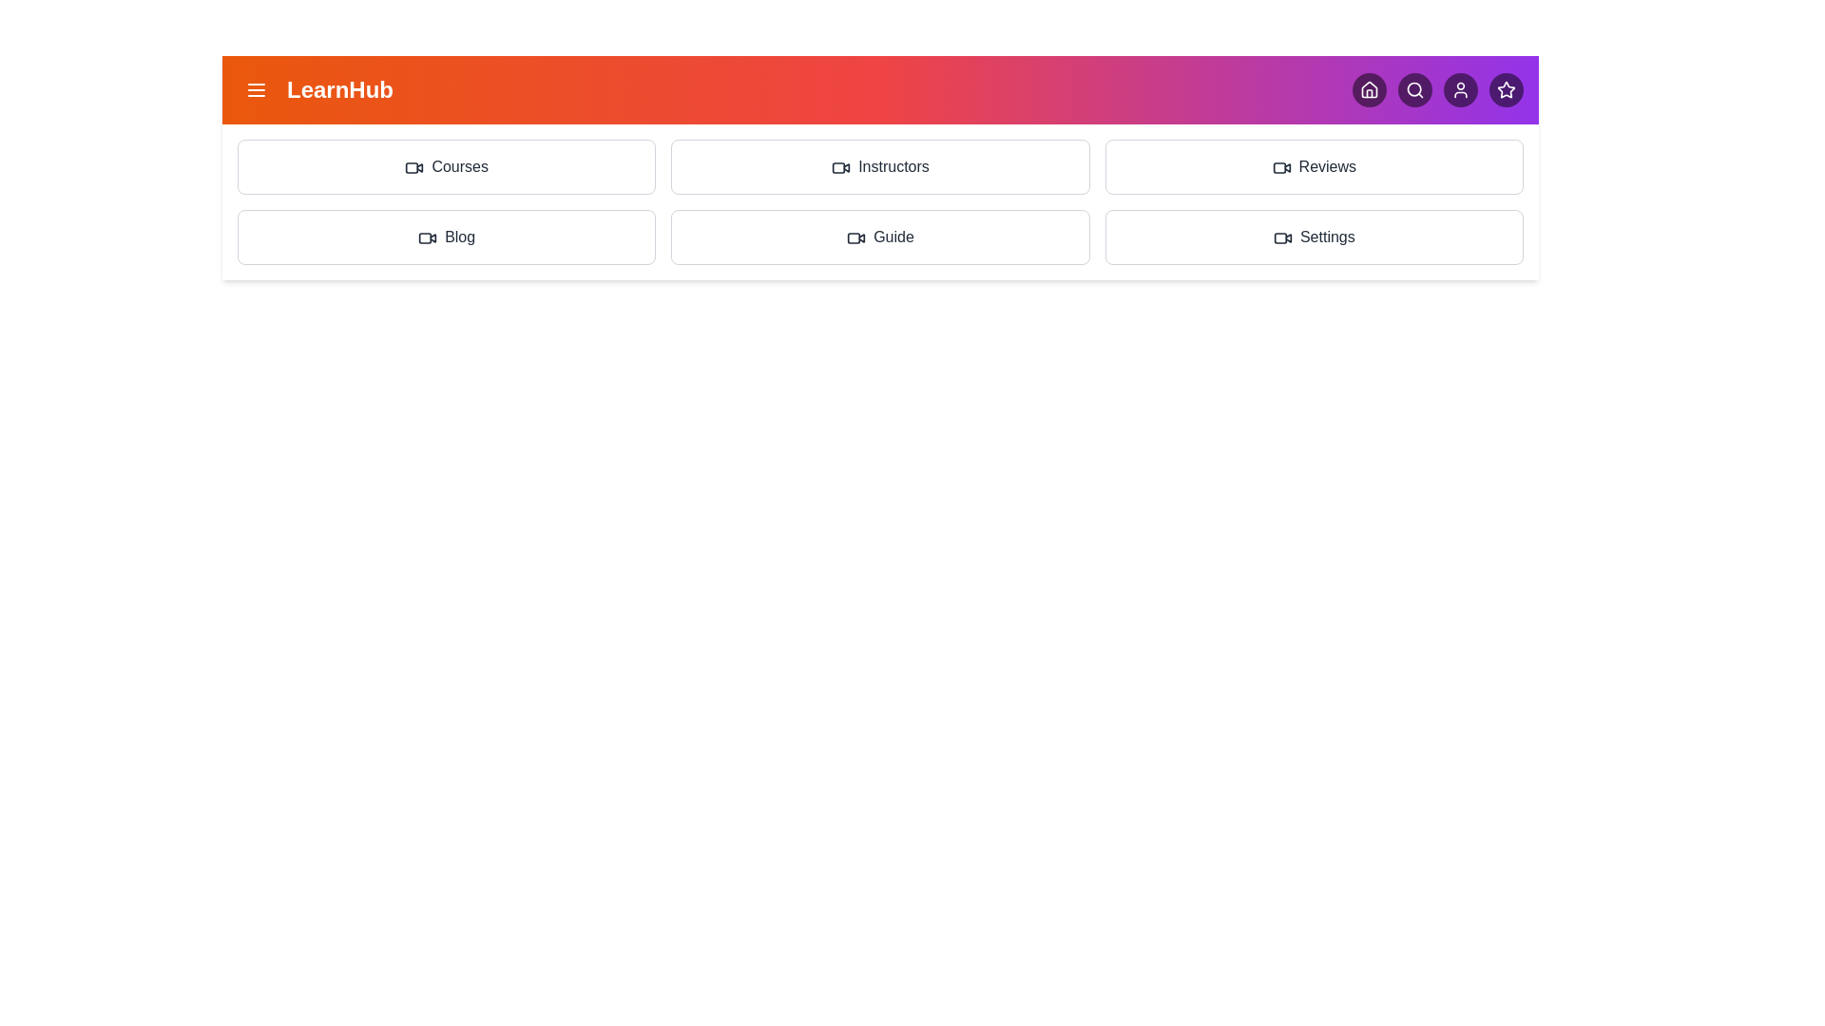  I want to click on the menu item Blog, so click(446, 237).